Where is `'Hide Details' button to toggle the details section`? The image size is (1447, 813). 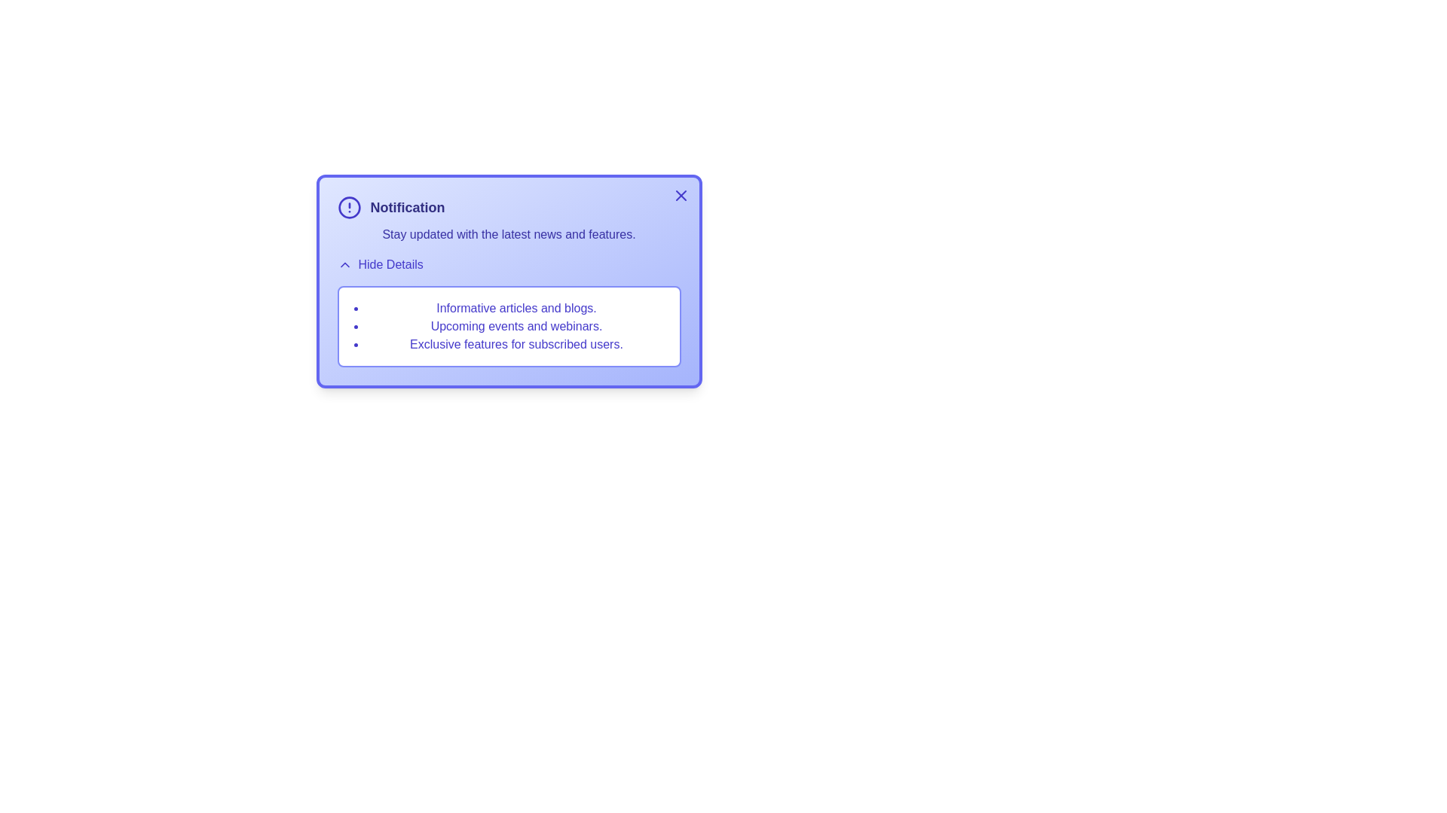 'Hide Details' button to toggle the details section is located at coordinates (380, 263).